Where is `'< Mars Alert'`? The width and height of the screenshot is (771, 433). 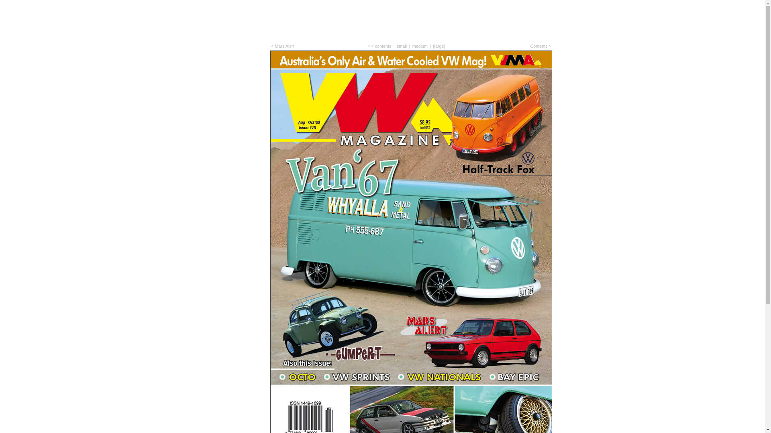
'< Mars Alert' is located at coordinates (283, 46).